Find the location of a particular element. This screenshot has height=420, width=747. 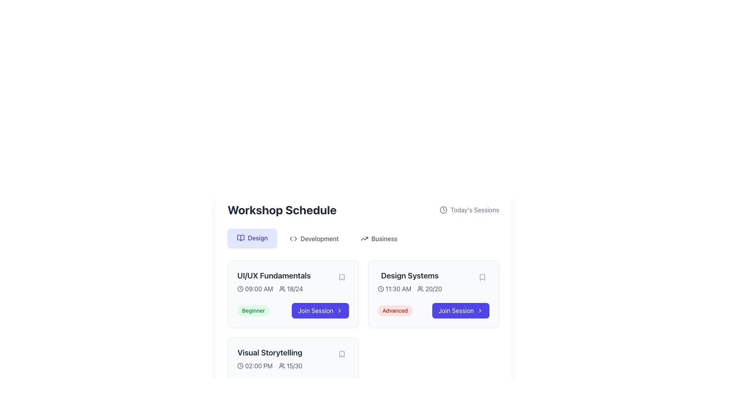

the third clickable card in the 'Workshop Schedule' section is located at coordinates (293, 371).